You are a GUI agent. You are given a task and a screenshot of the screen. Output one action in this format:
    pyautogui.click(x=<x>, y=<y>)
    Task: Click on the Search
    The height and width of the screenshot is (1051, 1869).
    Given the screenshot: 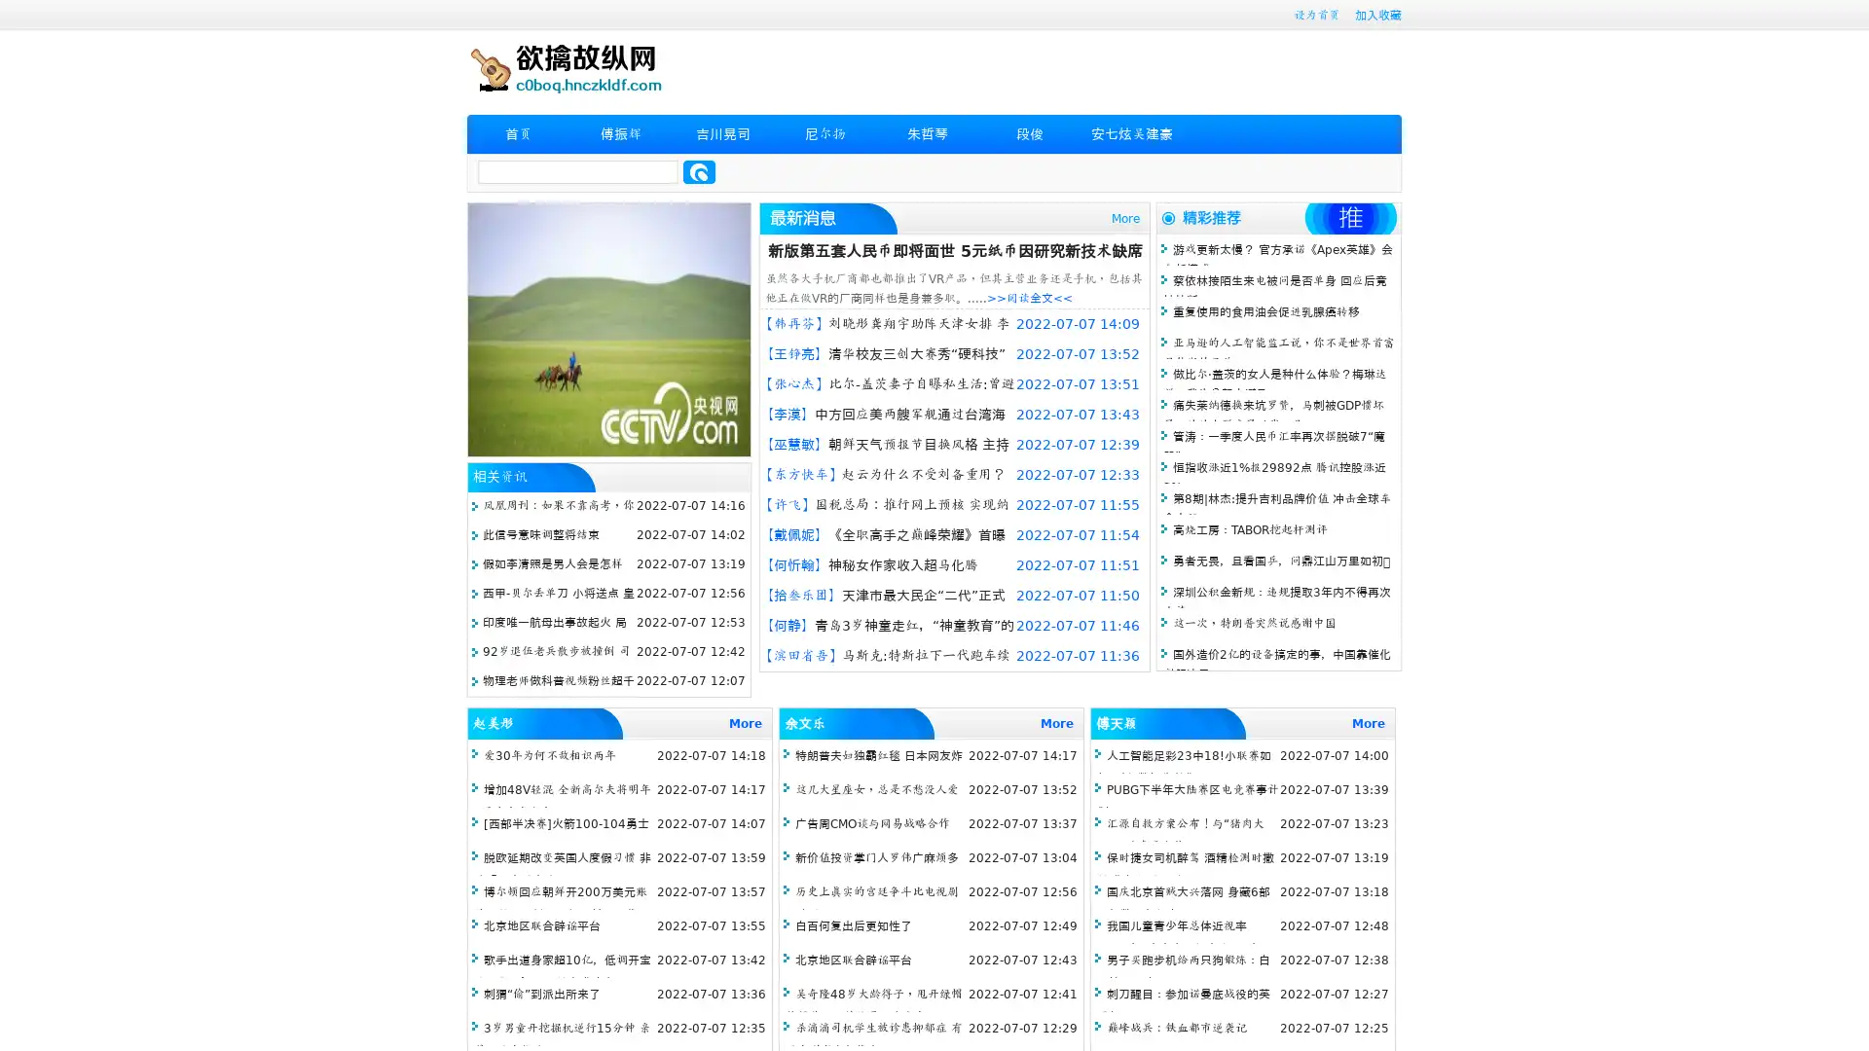 What is the action you would take?
    pyautogui.click(x=699, y=171)
    